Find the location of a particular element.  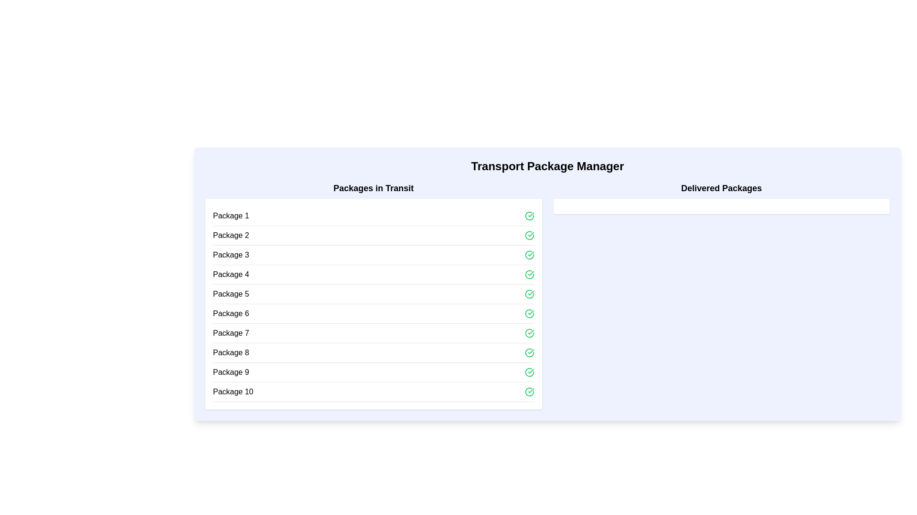

the text label for 'Package 7', which is the seventh item in the list of packages in transit, located in the left section of the interface is located at coordinates (231, 332).